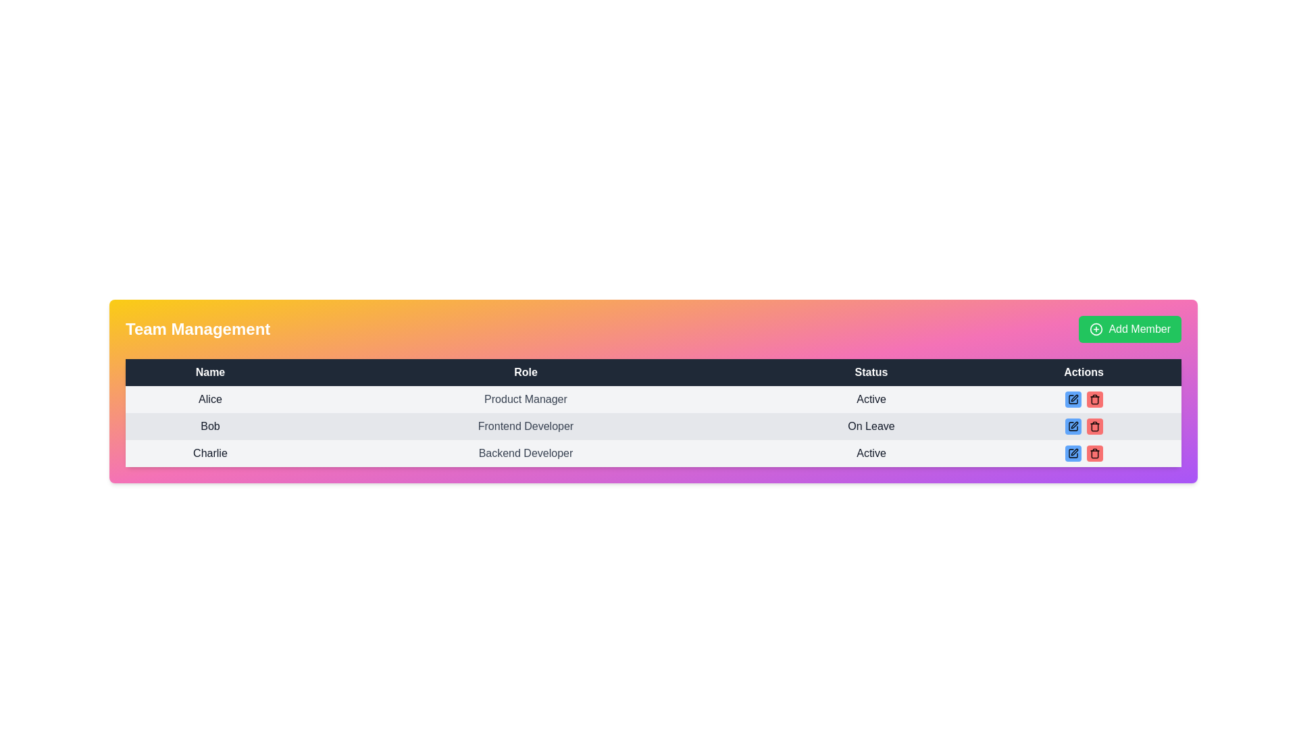 The height and width of the screenshot is (729, 1297). Describe the element at coordinates (871, 453) in the screenshot. I see `the 'Status' text label for 'Charlie' located in the third column of the table` at that location.